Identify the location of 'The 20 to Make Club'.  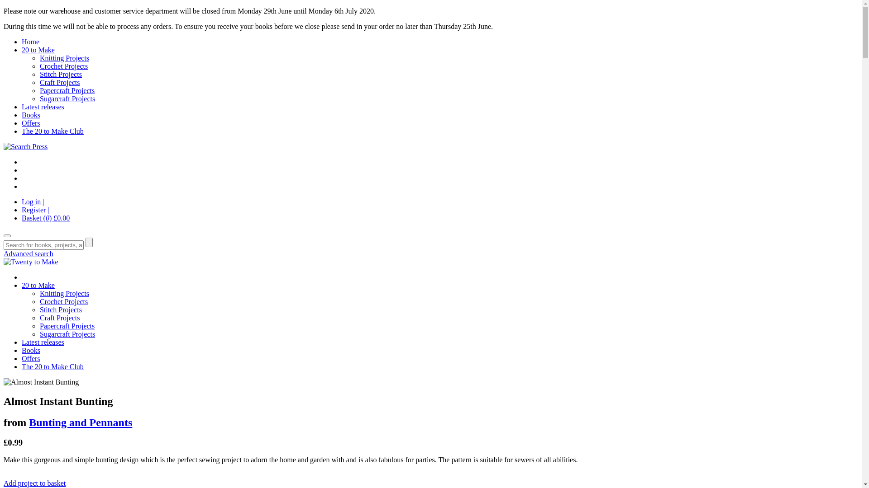
(52, 366).